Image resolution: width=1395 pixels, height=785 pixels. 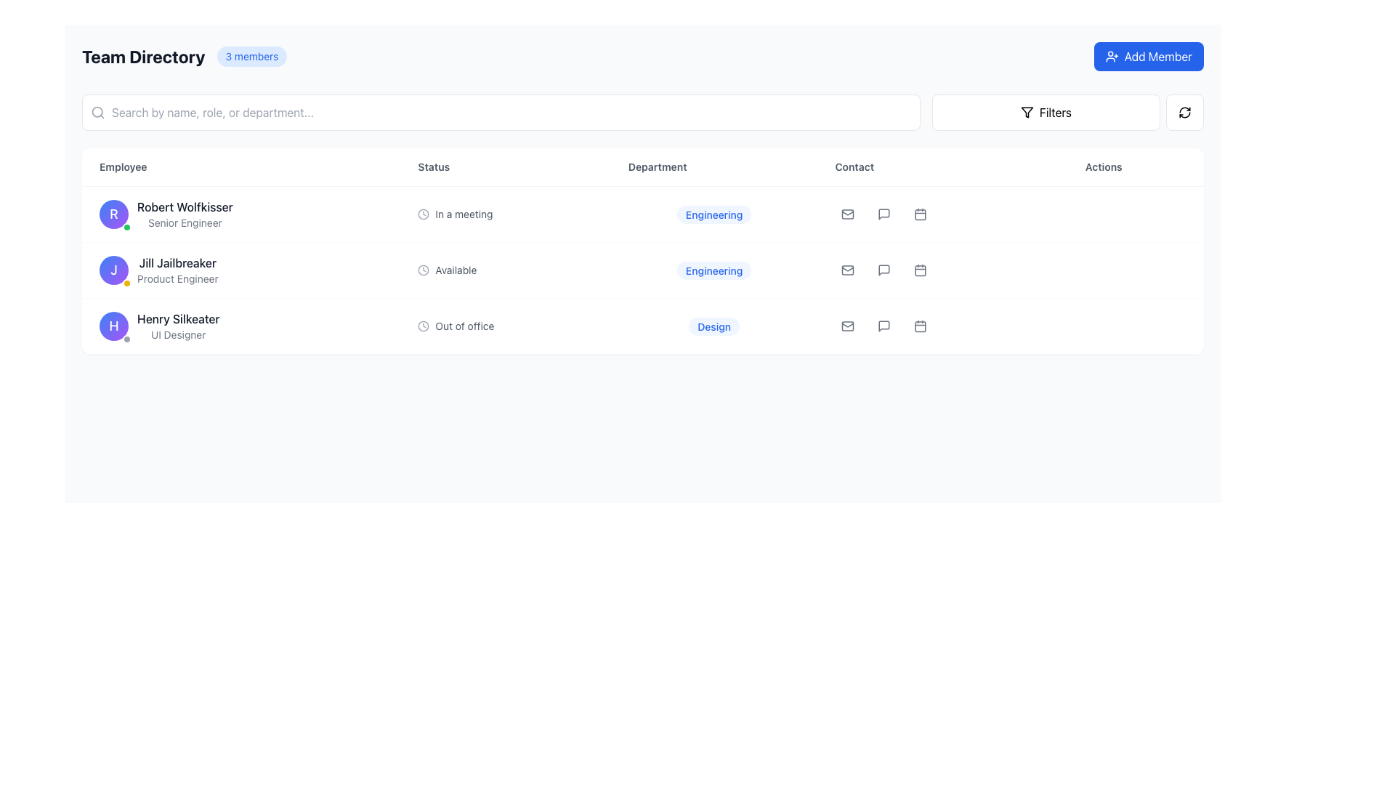 I want to click on the calendar icon, which is a small rounded rectangle located in the third row of the 'Team Directory' table under the 'Actions' column, so click(x=919, y=270).